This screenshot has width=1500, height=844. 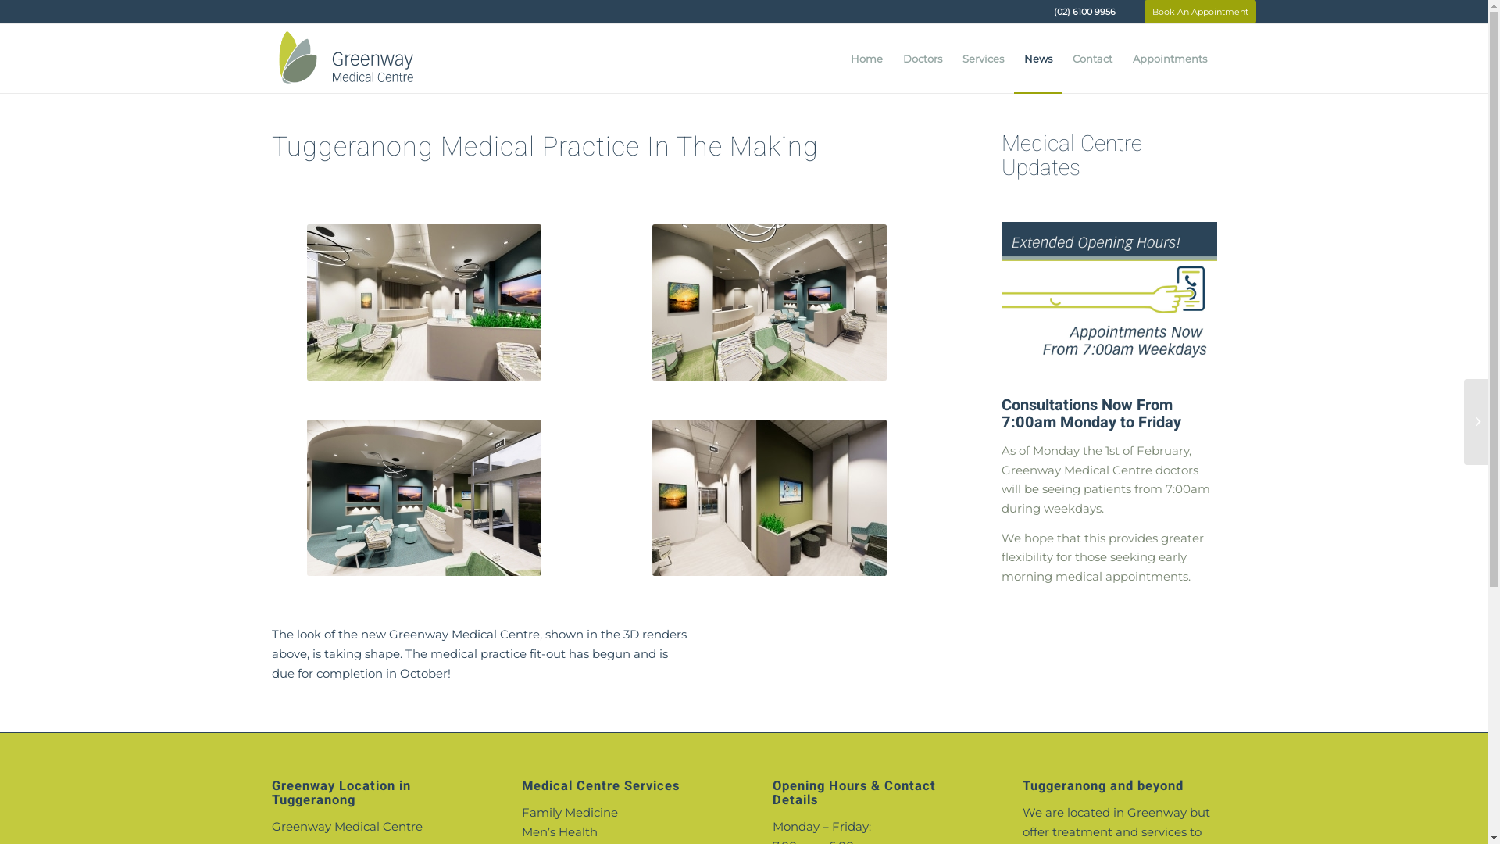 What do you see at coordinates (1169, 57) in the screenshot?
I see `'Appointments'` at bounding box center [1169, 57].